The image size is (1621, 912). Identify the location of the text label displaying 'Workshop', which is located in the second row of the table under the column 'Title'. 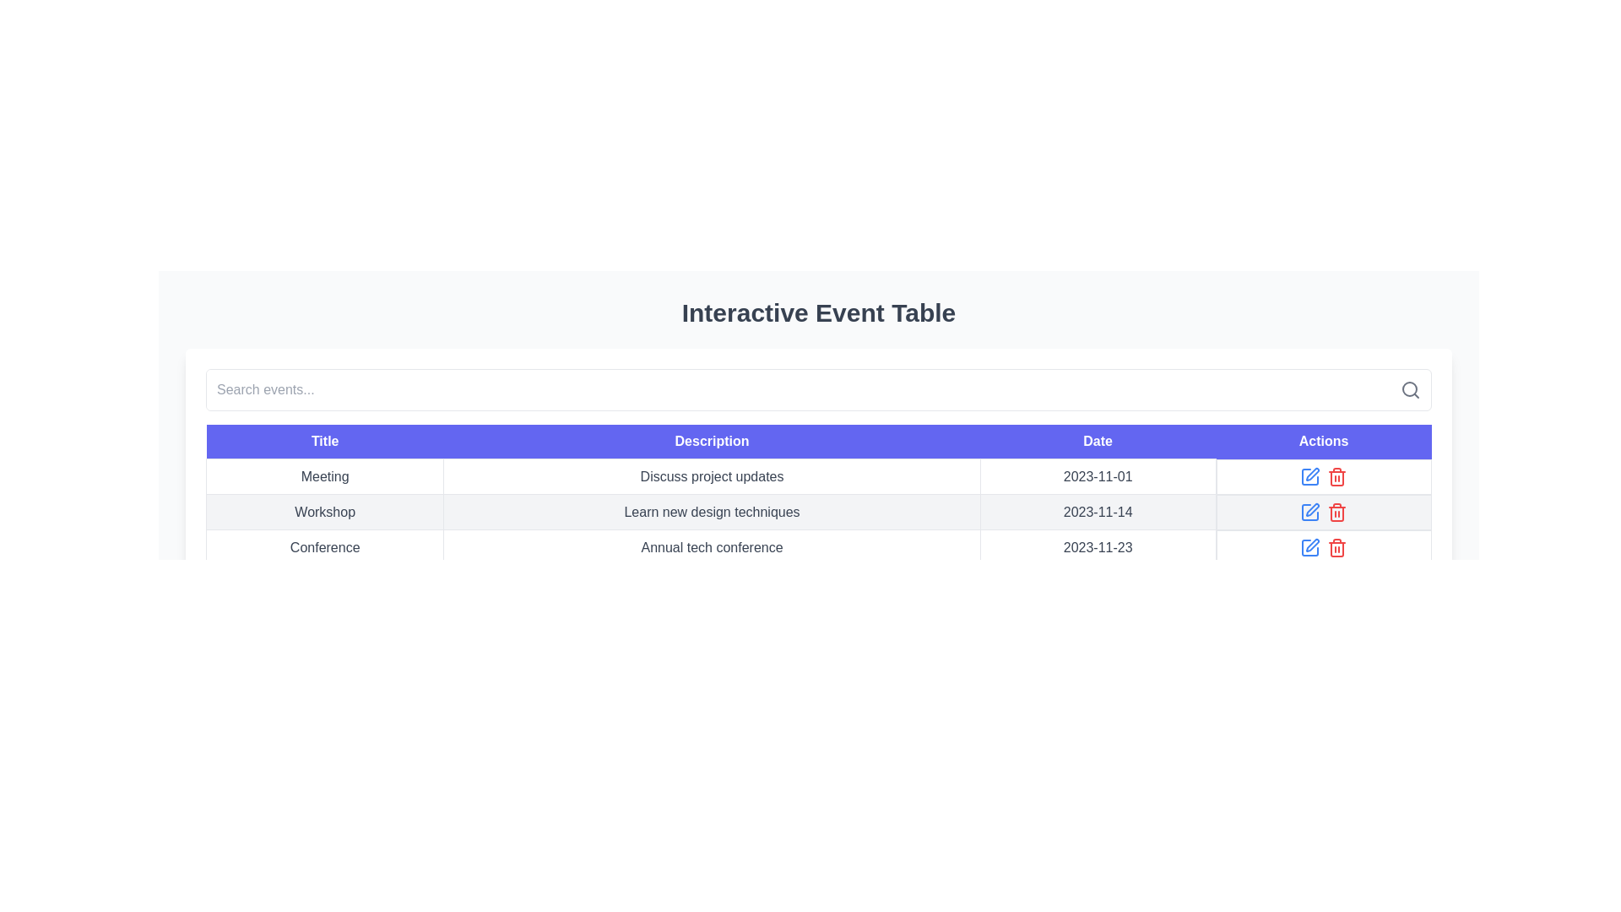
(325, 511).